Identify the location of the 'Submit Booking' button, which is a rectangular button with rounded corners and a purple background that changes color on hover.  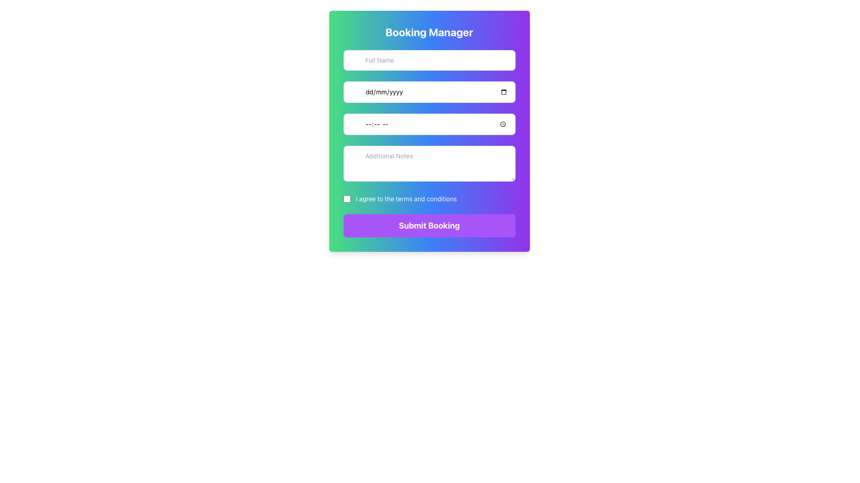
(429, 225).